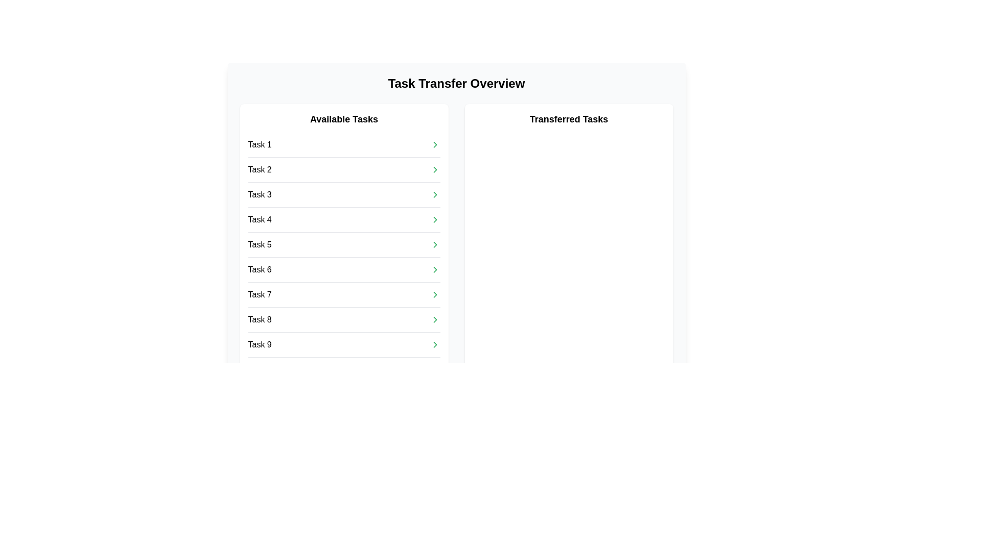  I want to click on the icon located next to the text label 'Task 6' in the 'Available Tasks' section, so click(435, 269).